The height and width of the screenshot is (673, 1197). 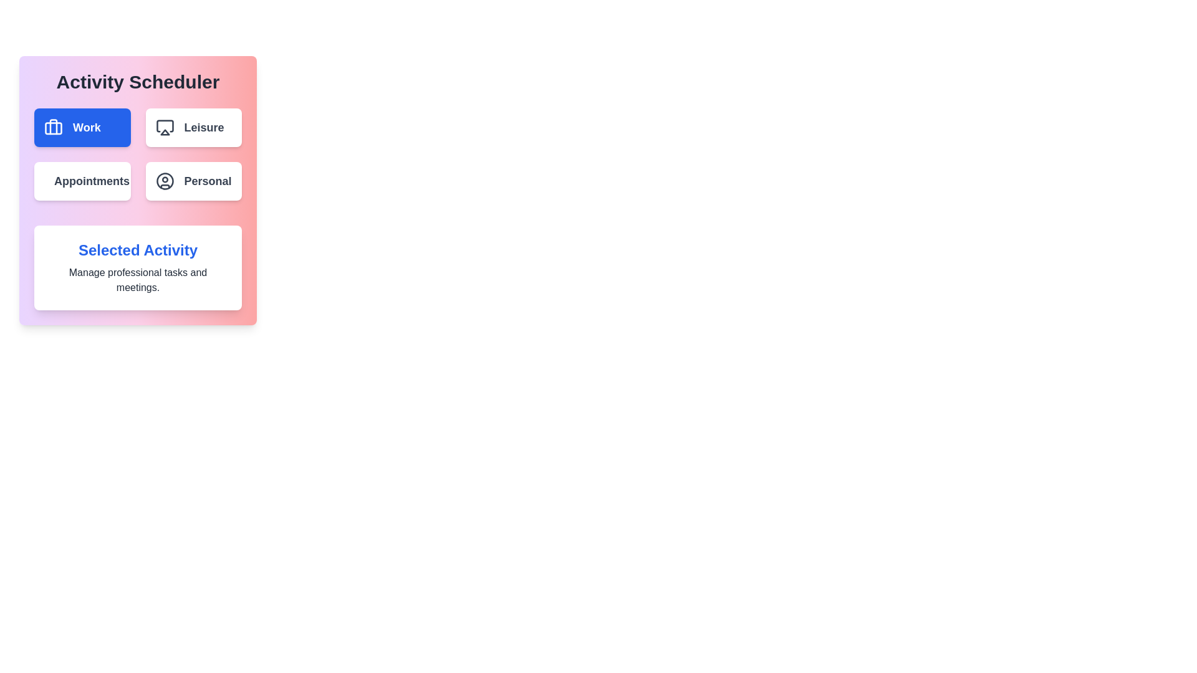 I want to click on the text label displaying 'Appointments', which is bold and slightly larger, located in the second row of a grid layout of buttons, so click(x=91, y=181).